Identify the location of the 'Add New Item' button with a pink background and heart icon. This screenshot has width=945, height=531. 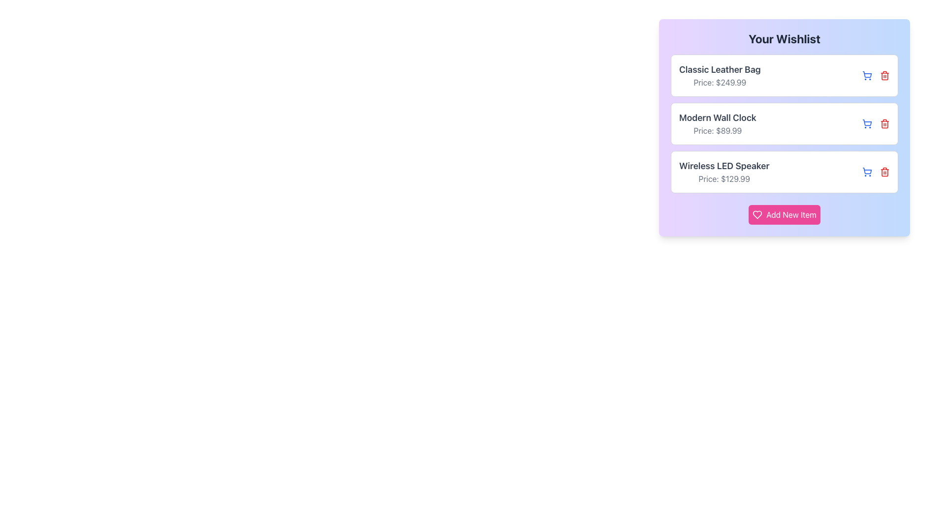
(784, 214).